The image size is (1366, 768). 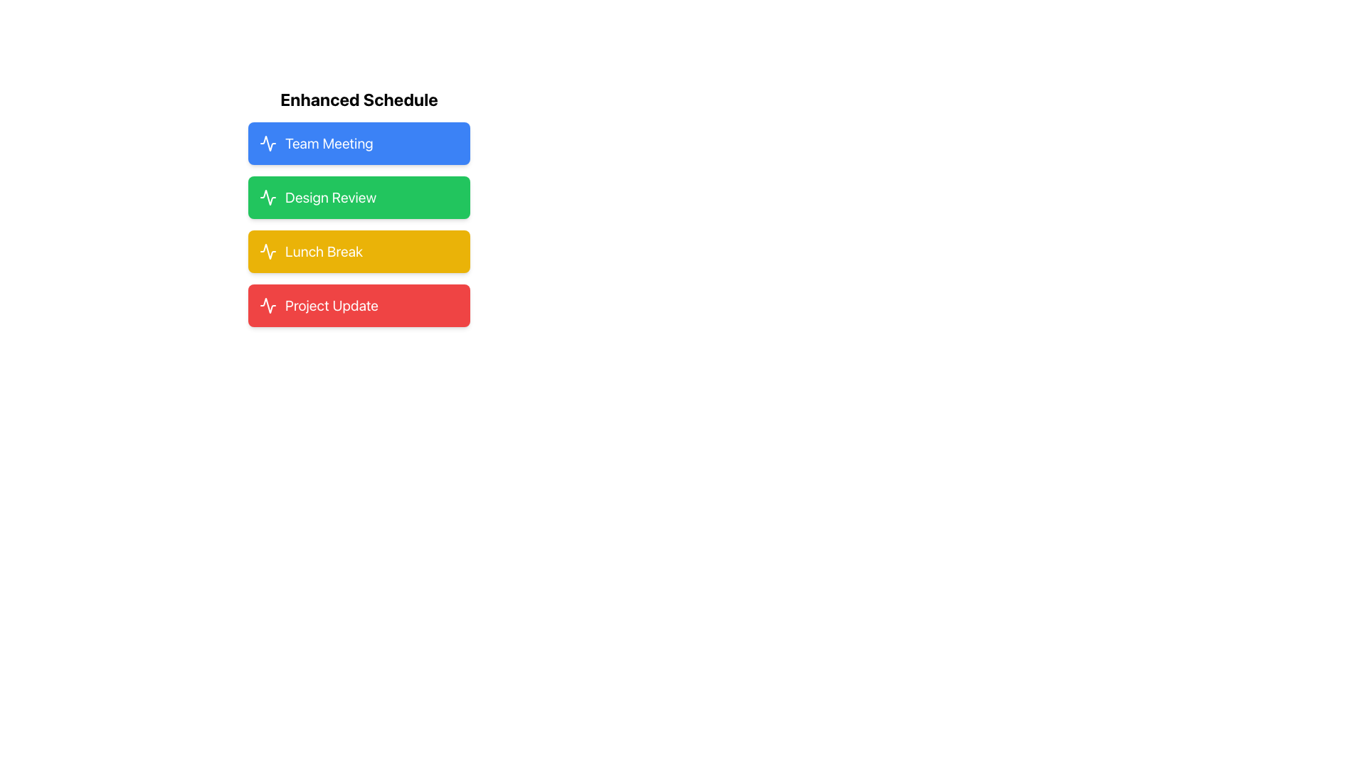 What do you see at coordinates (268, 304) in the screenshot?
I see `the 'Project Update' icon located to the left of the red rectangular button labeled 'Project Update', which is the last item in the vertical list of buttons` at bounding box center [268, 304].